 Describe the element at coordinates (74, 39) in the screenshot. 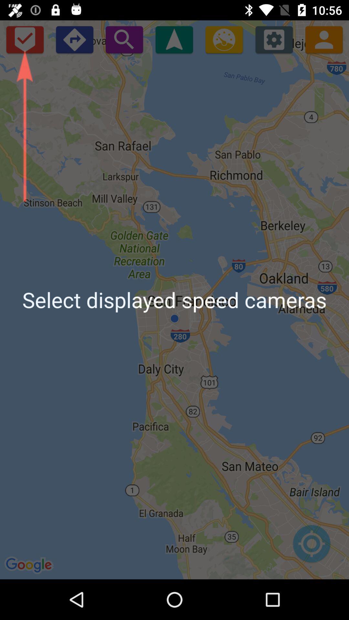

I see `enter` at that location.